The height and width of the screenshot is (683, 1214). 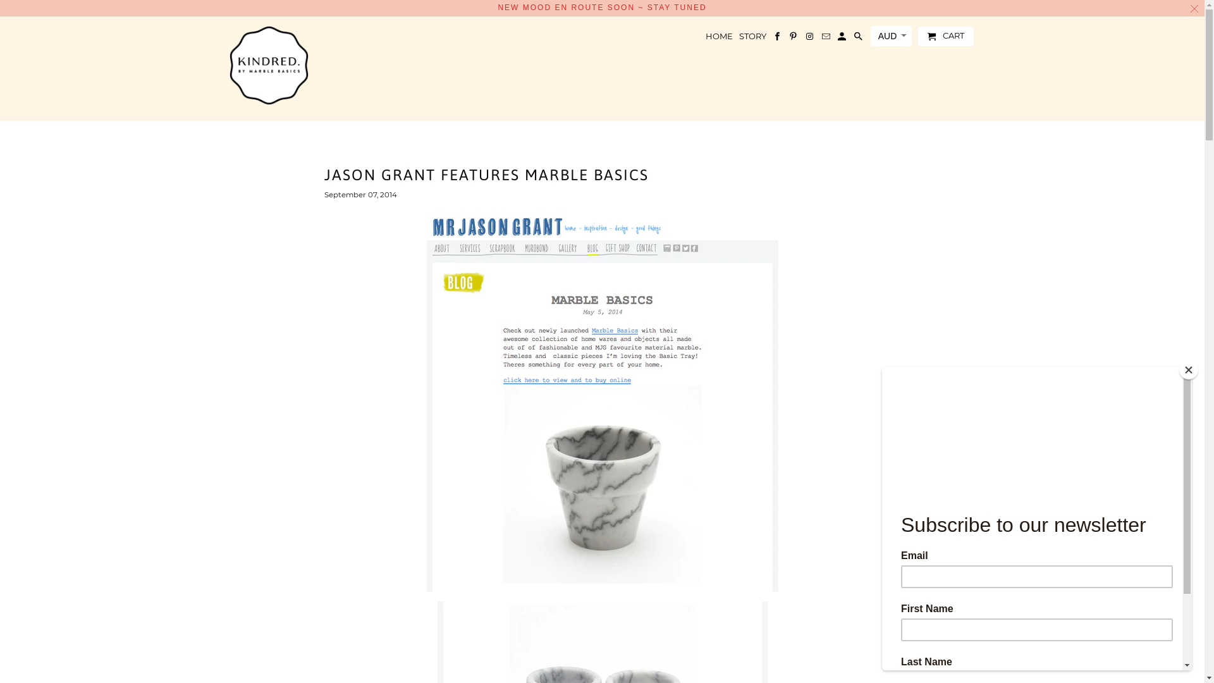 I want to click on 'My Account ', so click(x=843, y=38).